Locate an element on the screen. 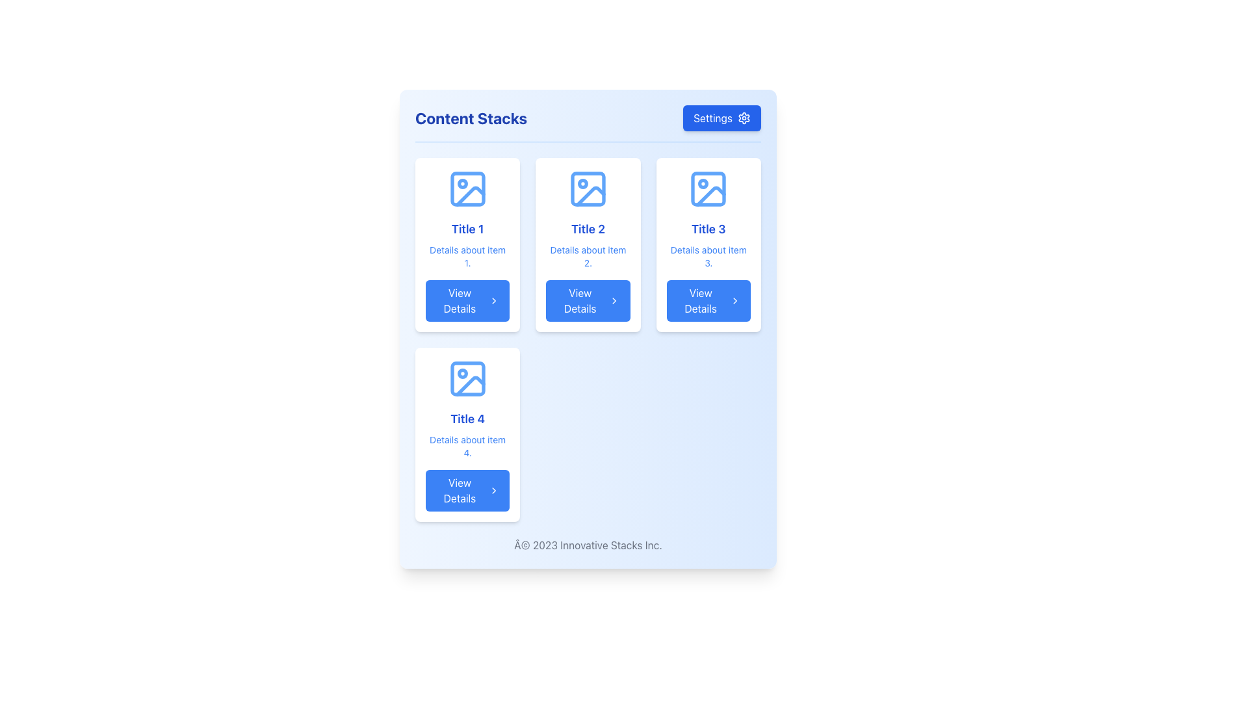 The height and width of the screenshot is (702, 1248). the icon depicting an image, characterized by a rectangle with a circle and a diagonal line, located in the third content card from the left above 'Title 3' and 'View Details' is located at coordinates (708, 188).